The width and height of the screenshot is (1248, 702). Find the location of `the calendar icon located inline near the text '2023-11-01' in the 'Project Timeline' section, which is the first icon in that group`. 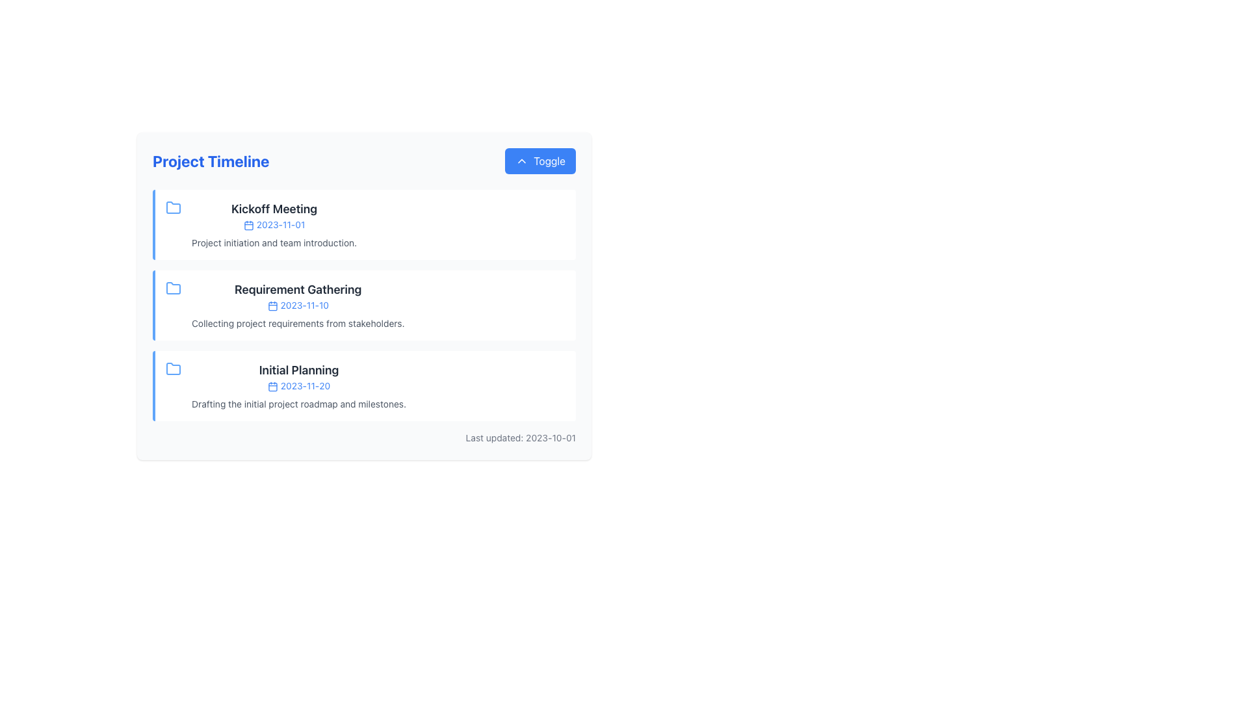

the calendar icon located inline near the text '2023-11-01' in the 'Project Timeline' section, which is the first icon in that group is located at coordinates (248, 225).